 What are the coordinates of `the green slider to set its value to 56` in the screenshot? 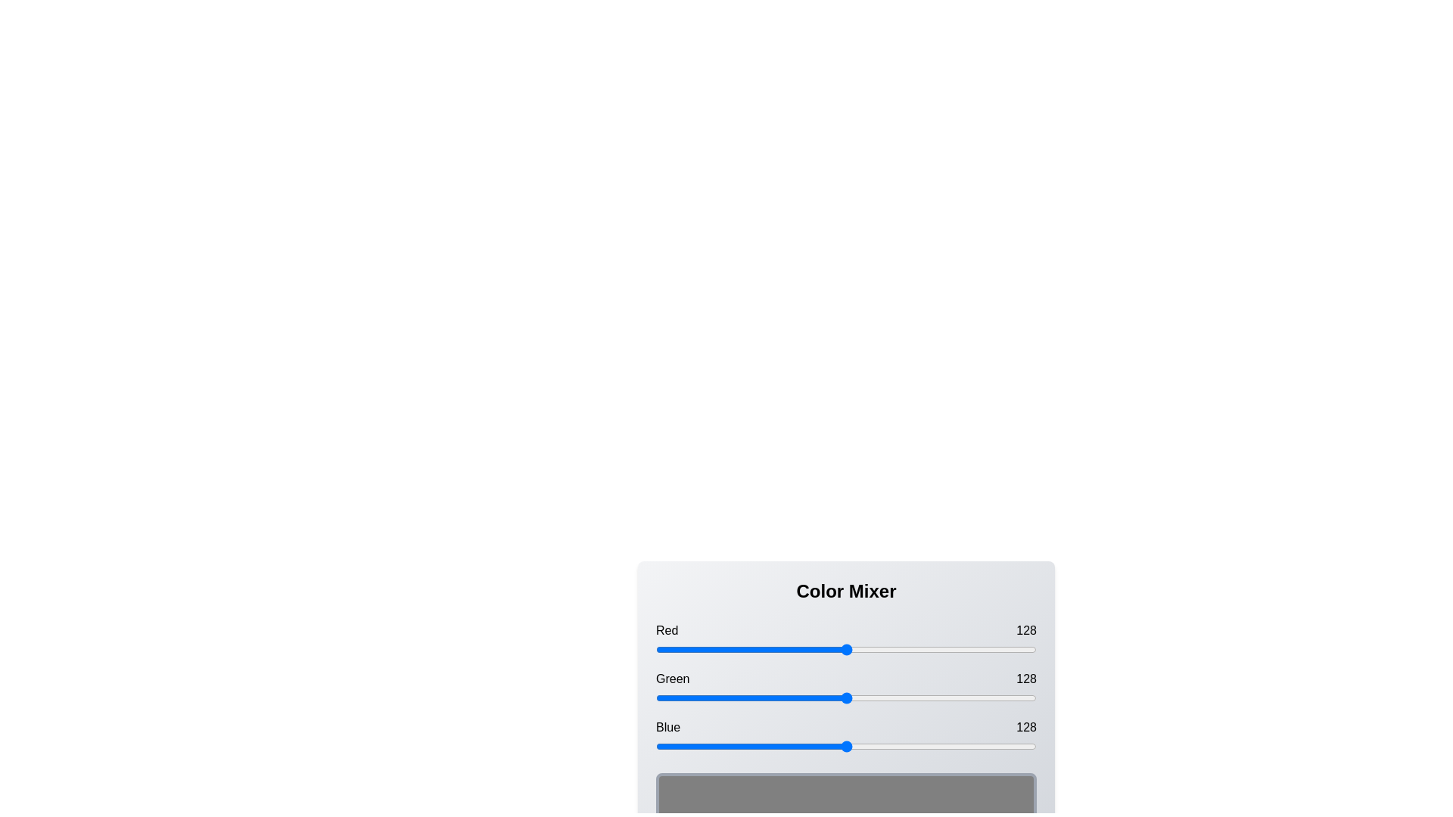 It's located at (739, 697).